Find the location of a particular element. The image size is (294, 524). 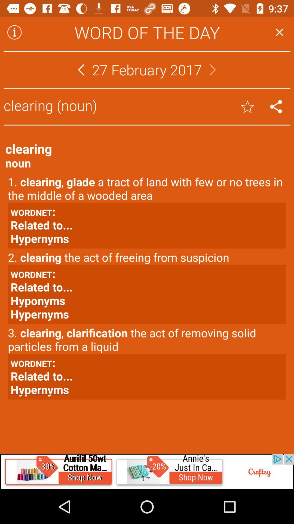

previous is located at coordinates (81, 69).